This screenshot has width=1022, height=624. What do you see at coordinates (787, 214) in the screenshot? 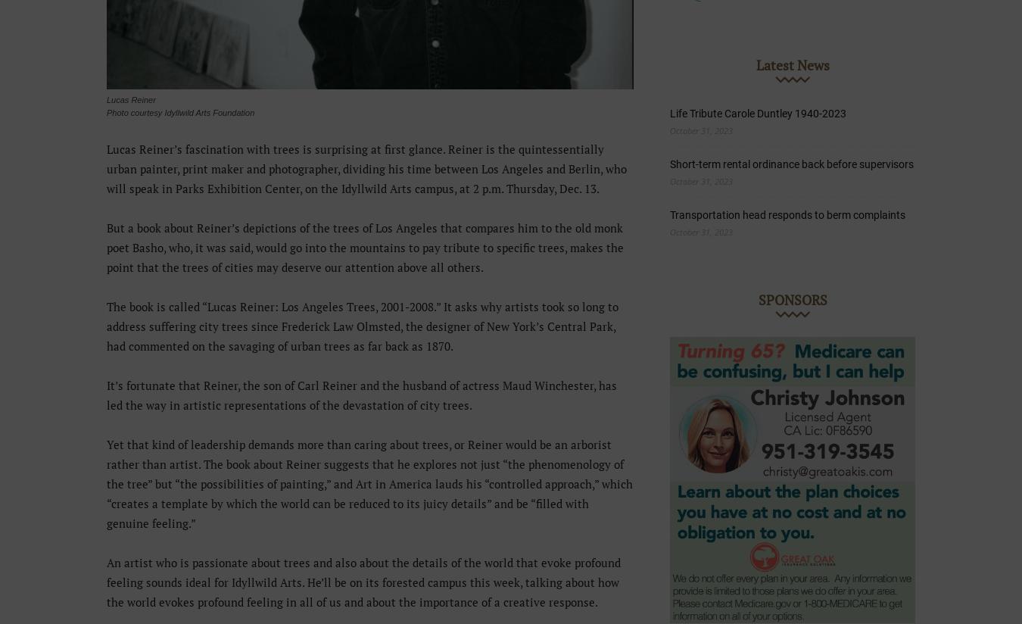
I see `'Transportation head responds to berm complaints'` at bounding box center [787, 214].